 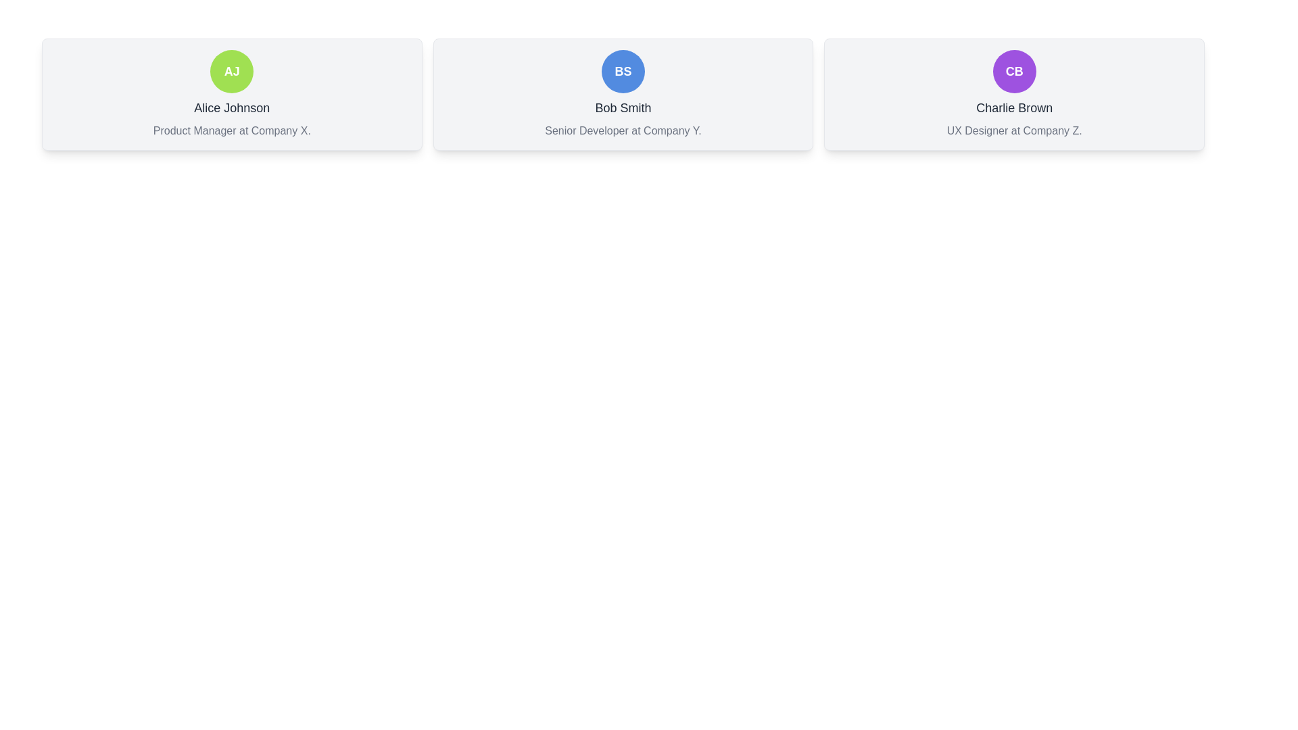 I want to click on the static text label displaying 'UX Designer at Company Z.' which is located directly underneath 'Charlie Brown' in the rightmost item of a grid layout, so click(x=1014, y=130).